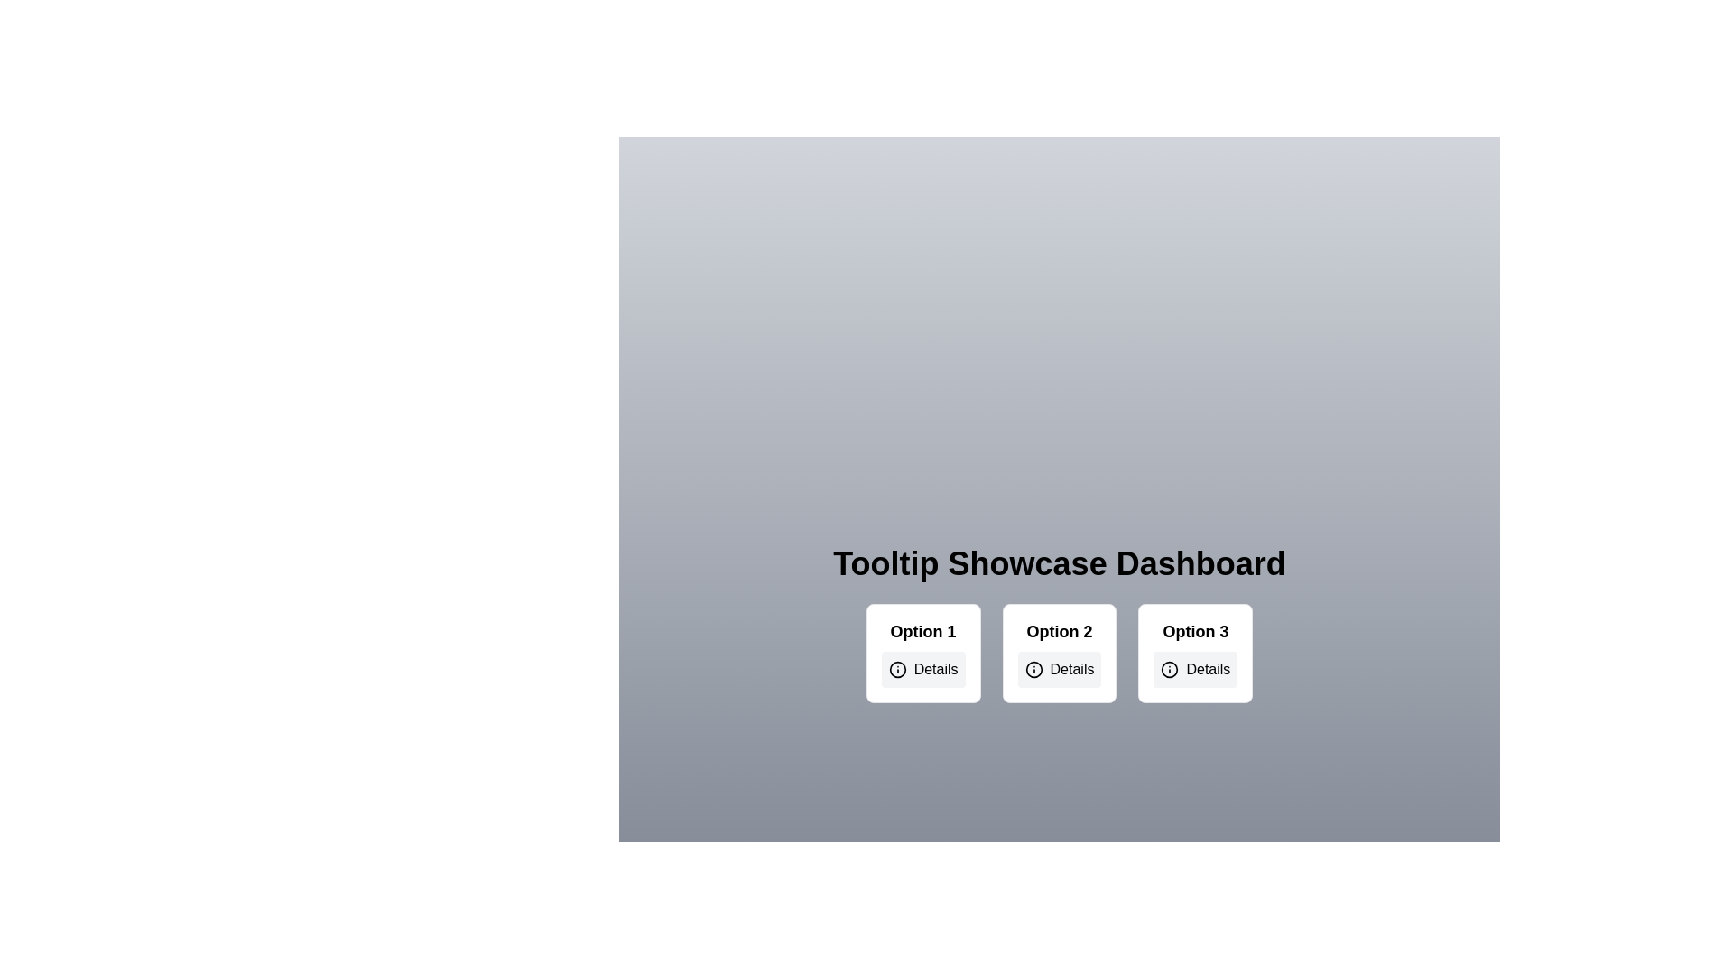 The height and width of the screenshot is (975, 1733). Describe the element at coordinates (1208, 669) in the screenshot. I see `the 'Details' text label located within the 'Option 3' button, which is positioned next to an informational icon` at that location.